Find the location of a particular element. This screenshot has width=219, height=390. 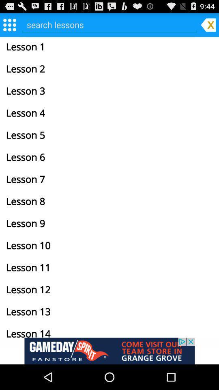

more tools is located at coordinates (9, 24).